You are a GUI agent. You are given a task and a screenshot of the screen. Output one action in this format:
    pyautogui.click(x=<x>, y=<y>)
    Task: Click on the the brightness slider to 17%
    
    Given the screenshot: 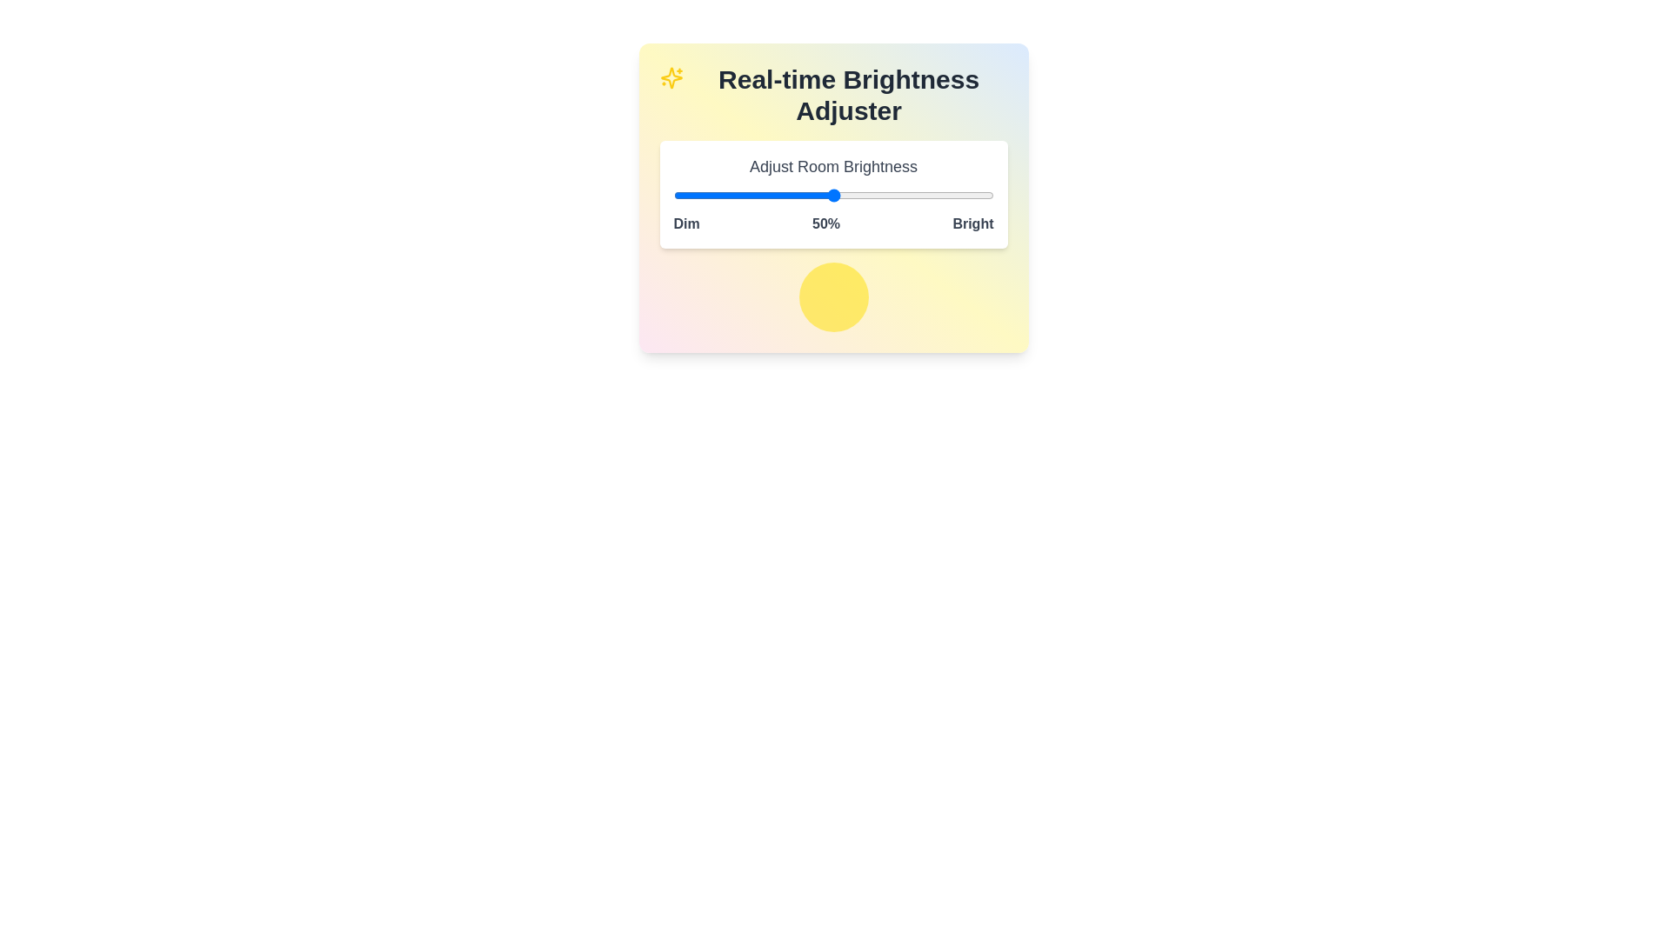 What is the action you would take?
    pyautogui.click(x=728, y=195)
    